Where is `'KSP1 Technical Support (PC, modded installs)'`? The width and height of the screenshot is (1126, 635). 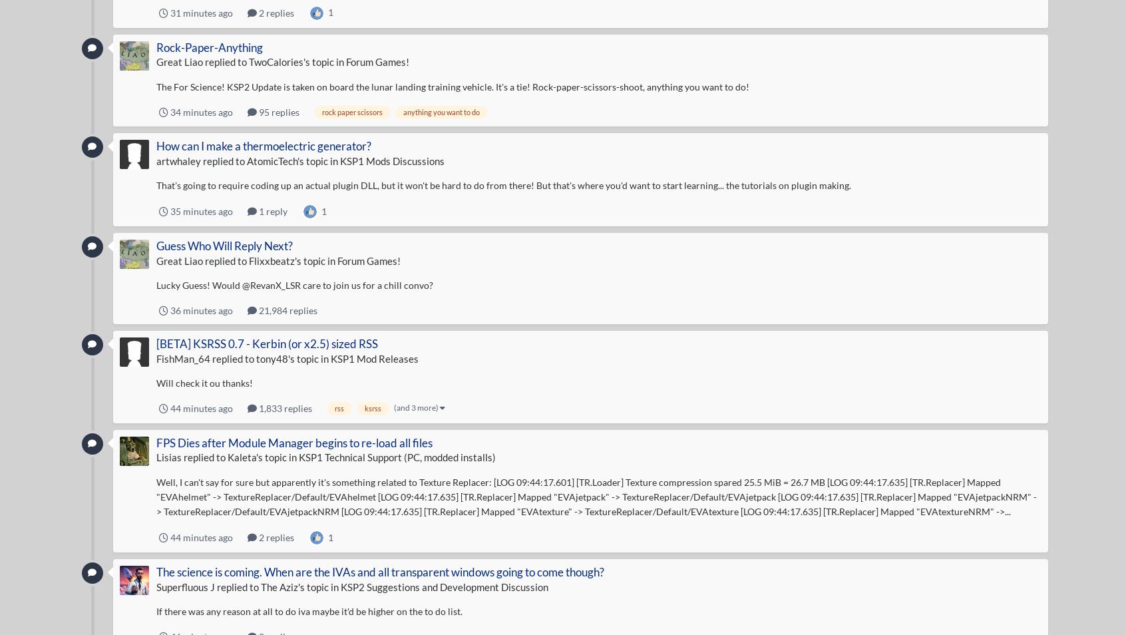 'KSP1 Technical Support (PC, modded installs)' is located at coordinates (395, 456).